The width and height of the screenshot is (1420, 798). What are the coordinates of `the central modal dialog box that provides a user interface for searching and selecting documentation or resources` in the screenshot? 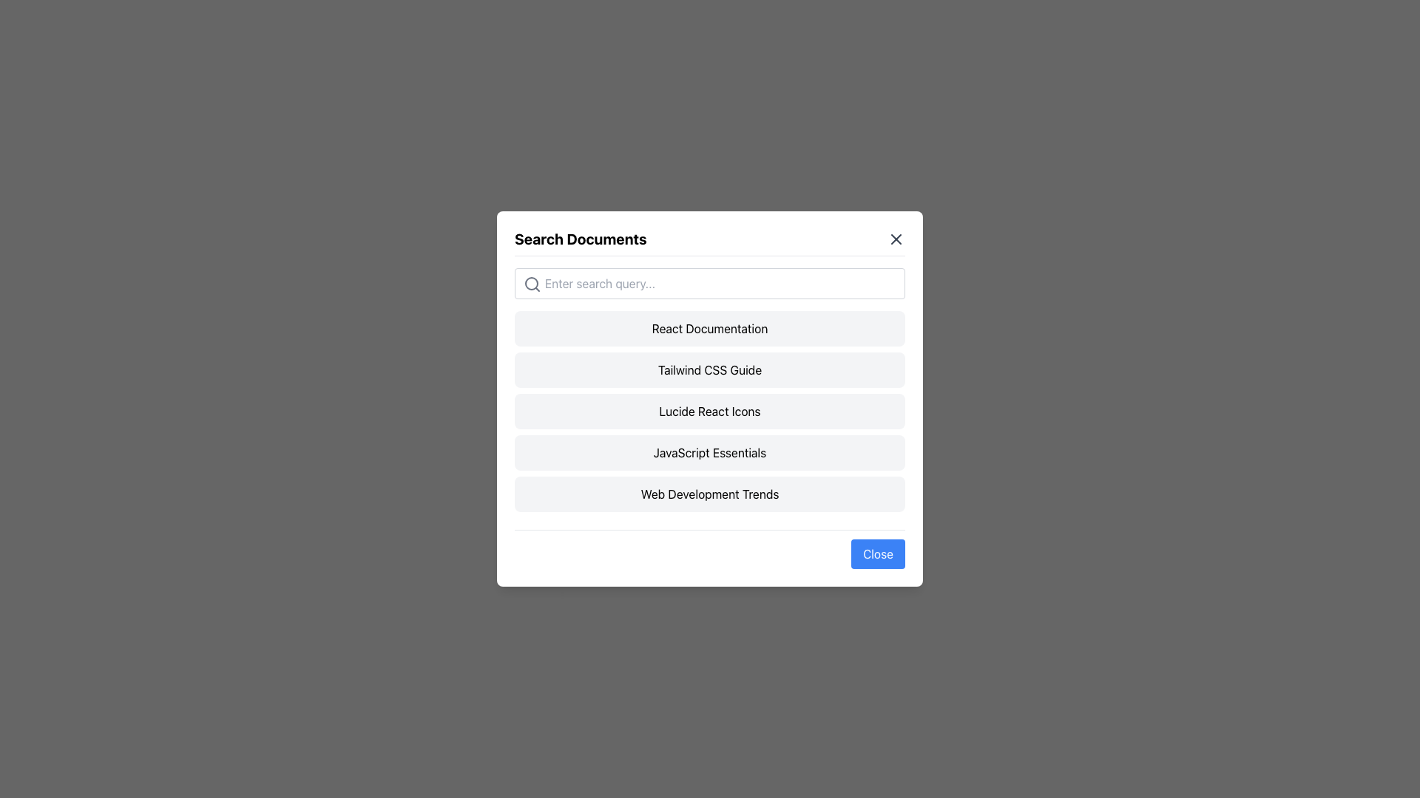 It's located at (710, 399).